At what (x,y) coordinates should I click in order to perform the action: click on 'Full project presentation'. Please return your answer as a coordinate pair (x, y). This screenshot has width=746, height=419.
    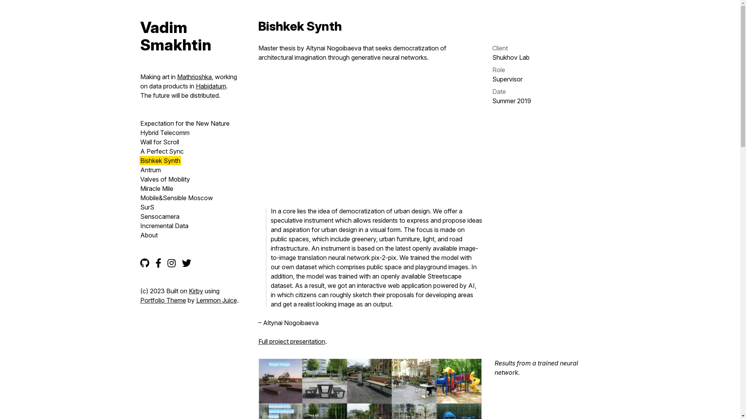
    Looking at the image, I should click on (291, 341).